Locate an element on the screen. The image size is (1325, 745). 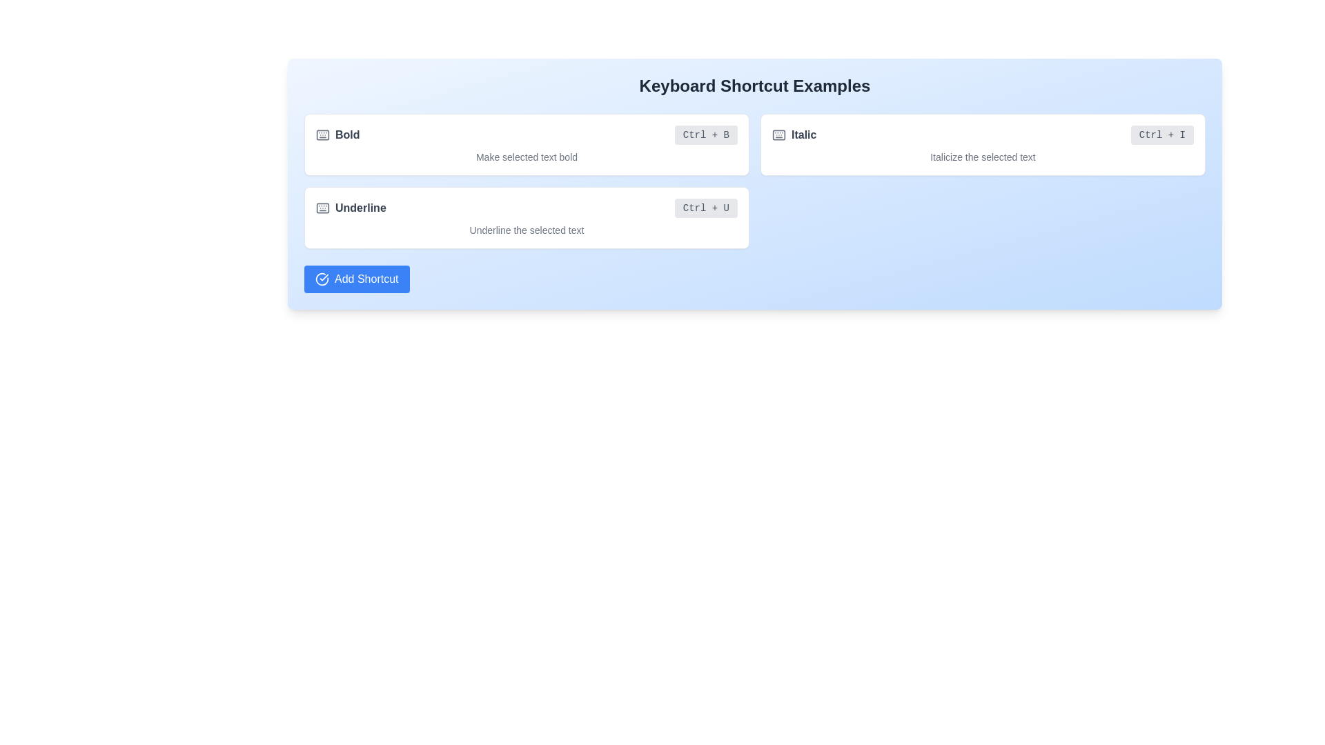
the 'Bold' shortcut label, which indicates the keyboard shortcut (Ctrl + B) required to trigger the bold functionality. This label is positioned near the top-right corner of the corresponding box is located at coordinates (706, 135).